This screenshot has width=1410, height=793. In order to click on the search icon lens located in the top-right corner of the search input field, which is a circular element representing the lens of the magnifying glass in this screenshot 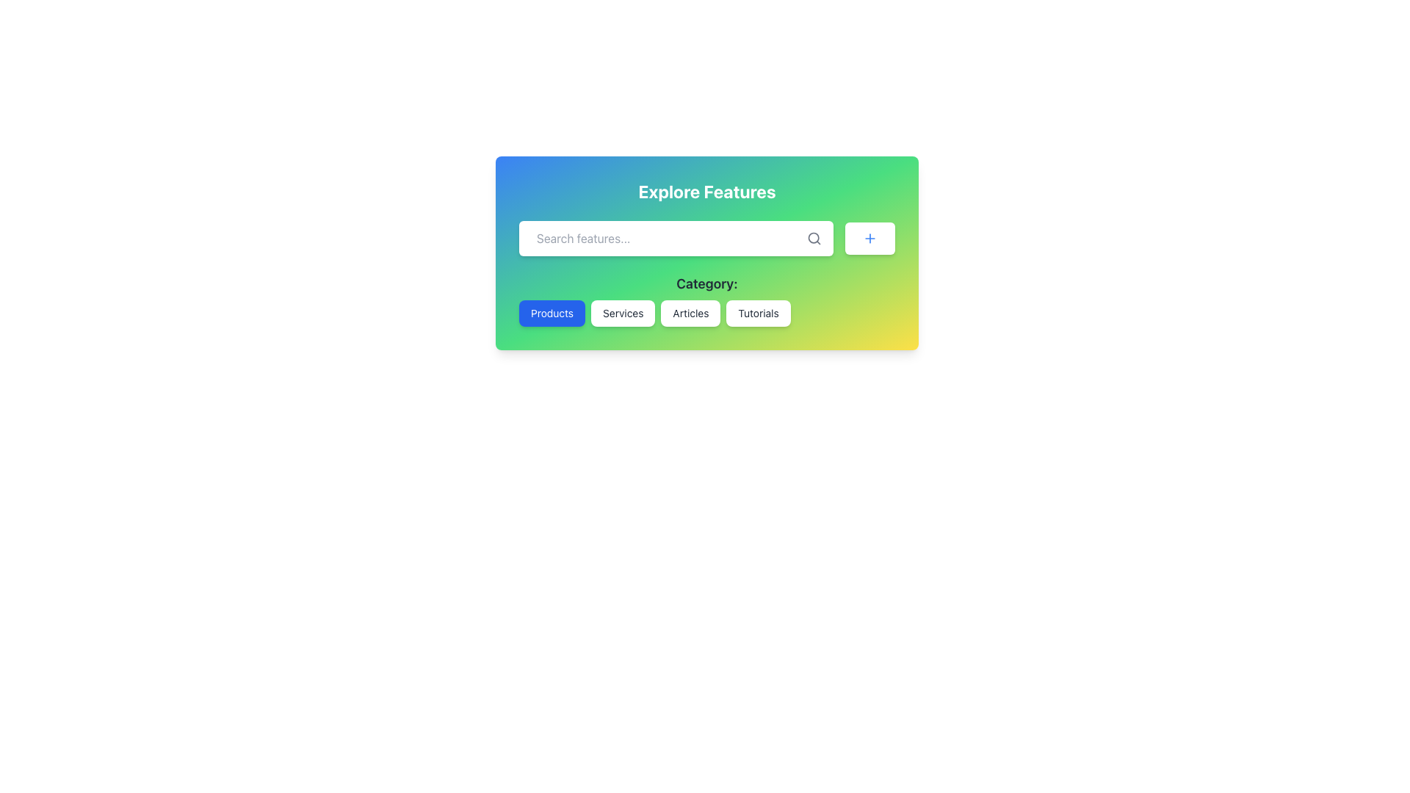, I will do `click(813, 237)`.